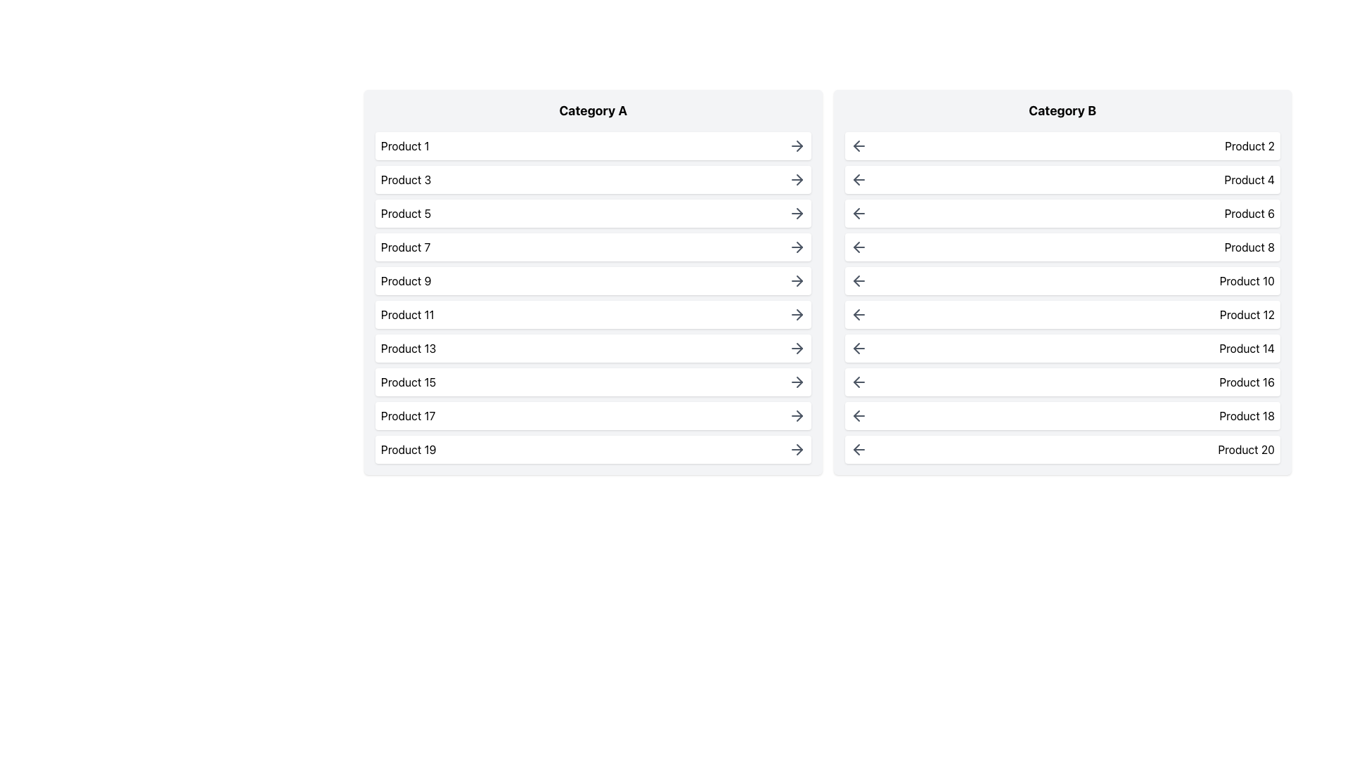 The width and height of the screenshot is (1350, 759). Describe the element at coordinates (1247, 348) in the screenshot. I see `the text label displaying 'Product 14', which is located at the far right of a row with rounded corners and shadowing` at that location.